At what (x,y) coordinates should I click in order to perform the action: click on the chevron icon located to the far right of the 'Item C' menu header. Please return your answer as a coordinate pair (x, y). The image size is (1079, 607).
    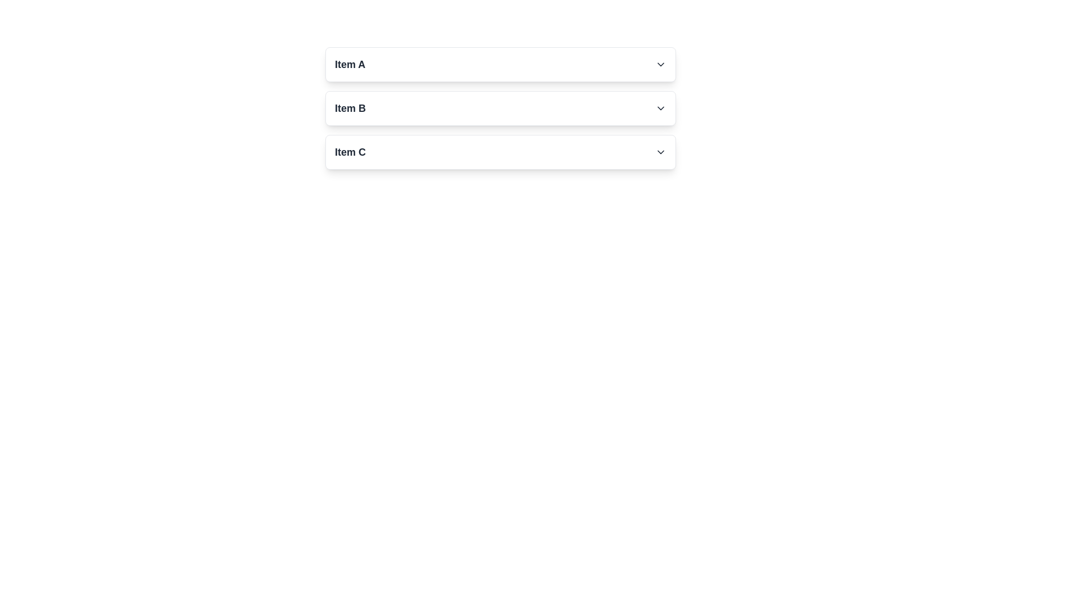
    Looking at the image, I should click on (661, 152).